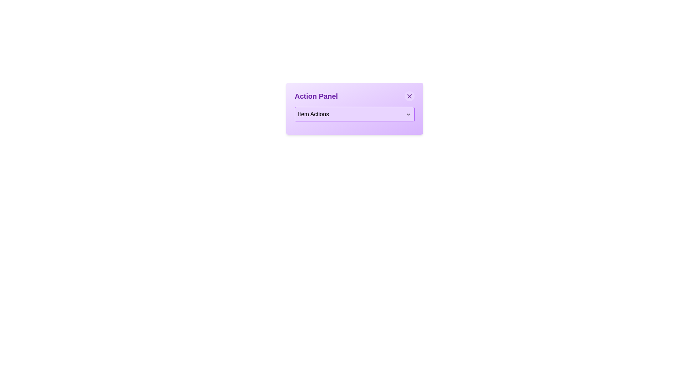  Describe the element at coordinates (409, 96) in the screenshot. I see `the circular button with a light purple background and 'X' icon in dark purple at the top-right corner of the Action Panel` at that location.